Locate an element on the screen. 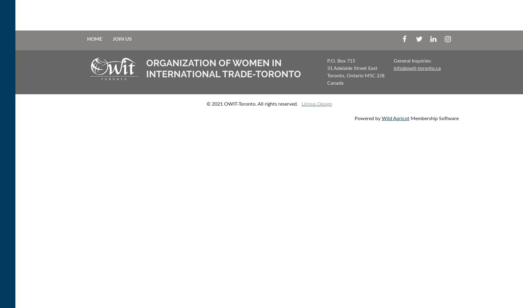 The image size is (523, 308). 'Canada' is located at coordinates (335, 83).